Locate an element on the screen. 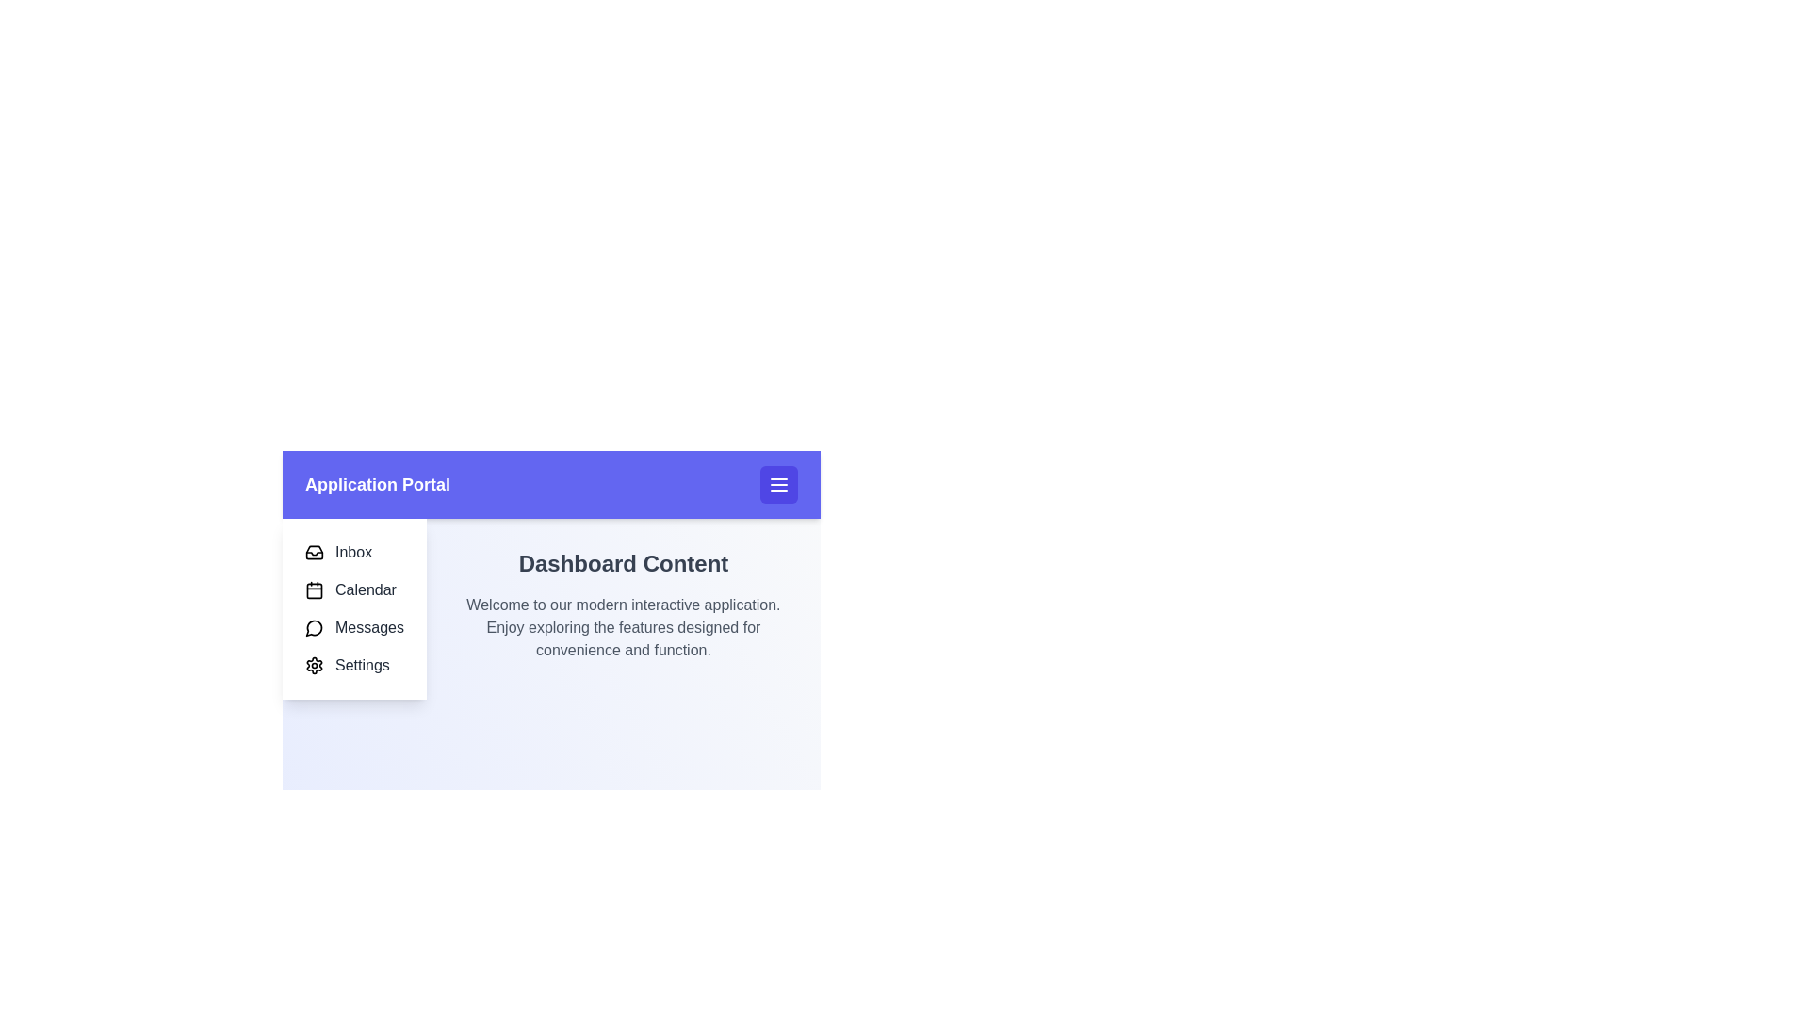 This screenshot has width=1809, height=1017. the inbox tray icon located in the sidebar next to the 'Inbox' label, which is styled with a minimalist, line-art appearance is located at coordinates (315, 551).